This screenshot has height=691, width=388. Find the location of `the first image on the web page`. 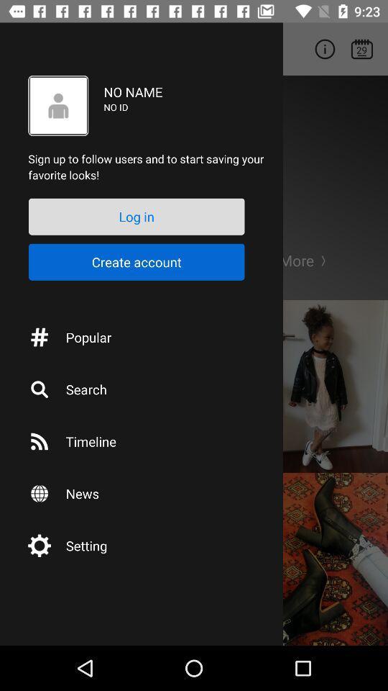

the first image on the web page is located at coordinates (323, 386).